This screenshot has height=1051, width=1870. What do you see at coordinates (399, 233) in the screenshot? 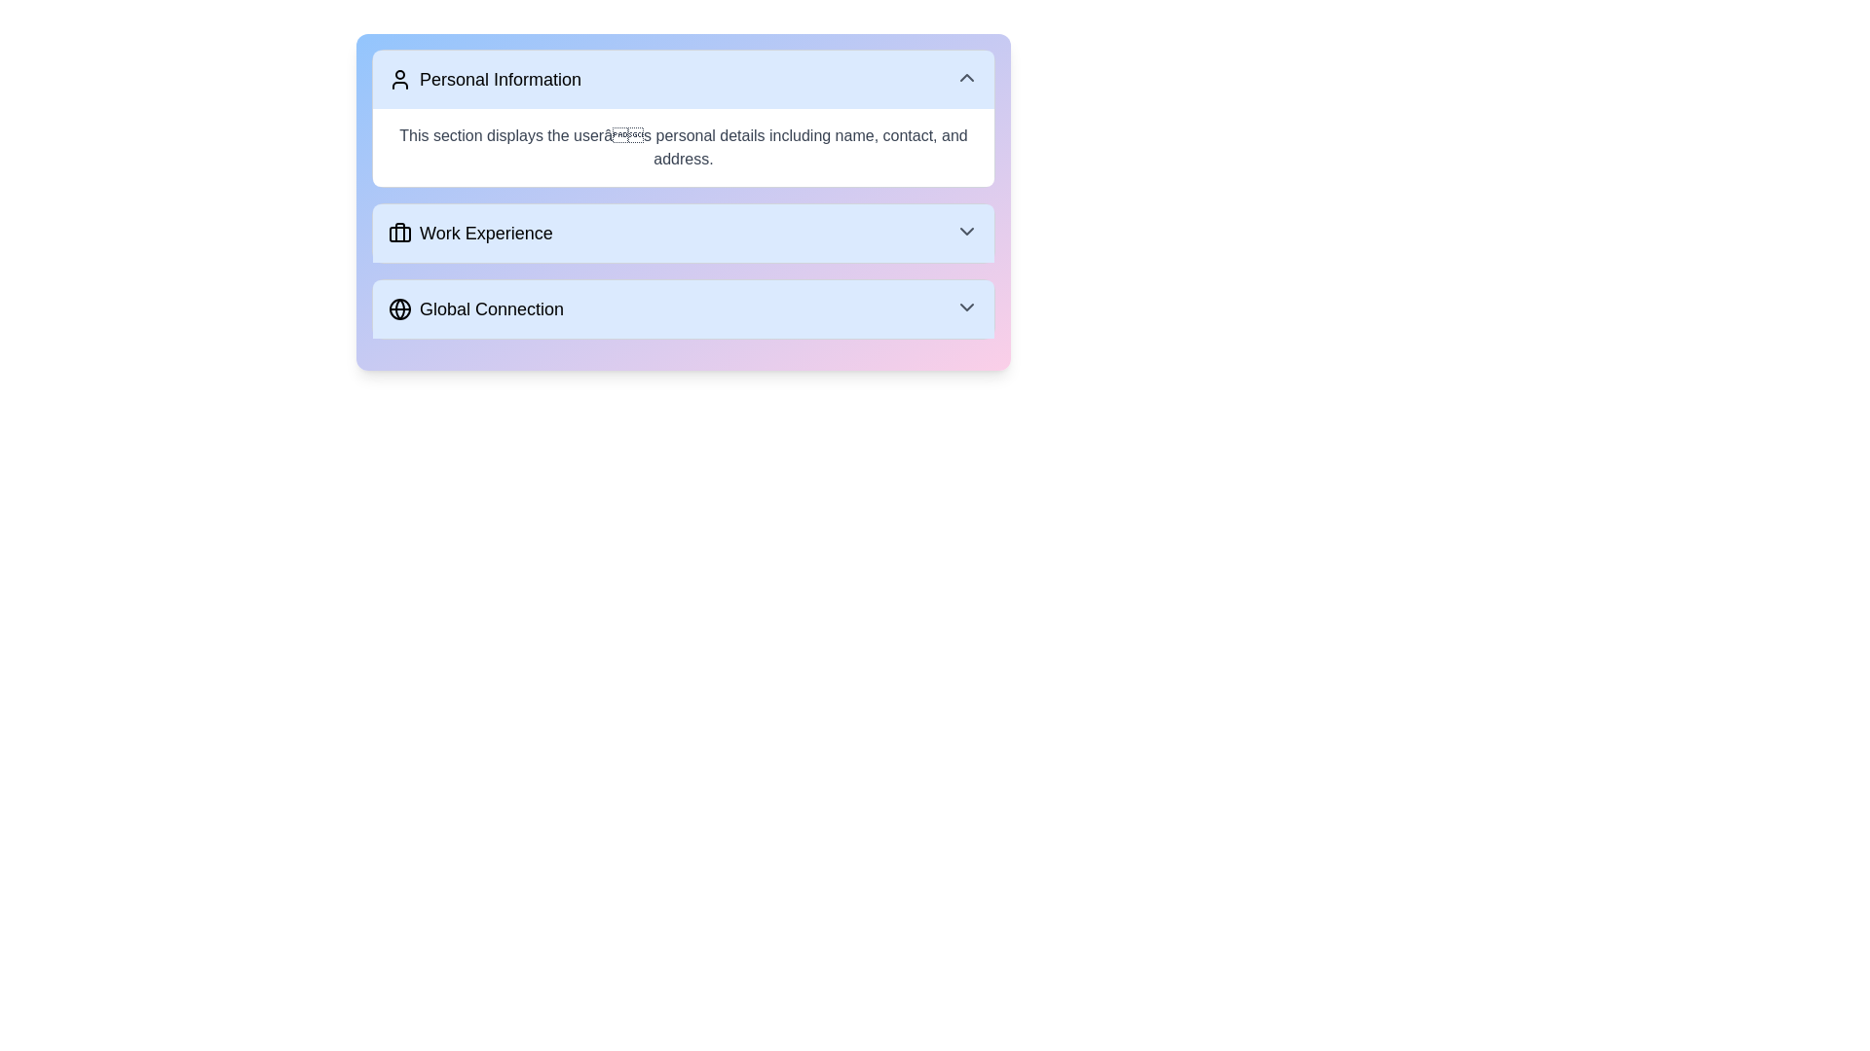
I see `the lower rectangular part of the briefcase icon in the 'Work Experience' section, which serves as a visual identifier for that section` at bounding box center [399, 233].